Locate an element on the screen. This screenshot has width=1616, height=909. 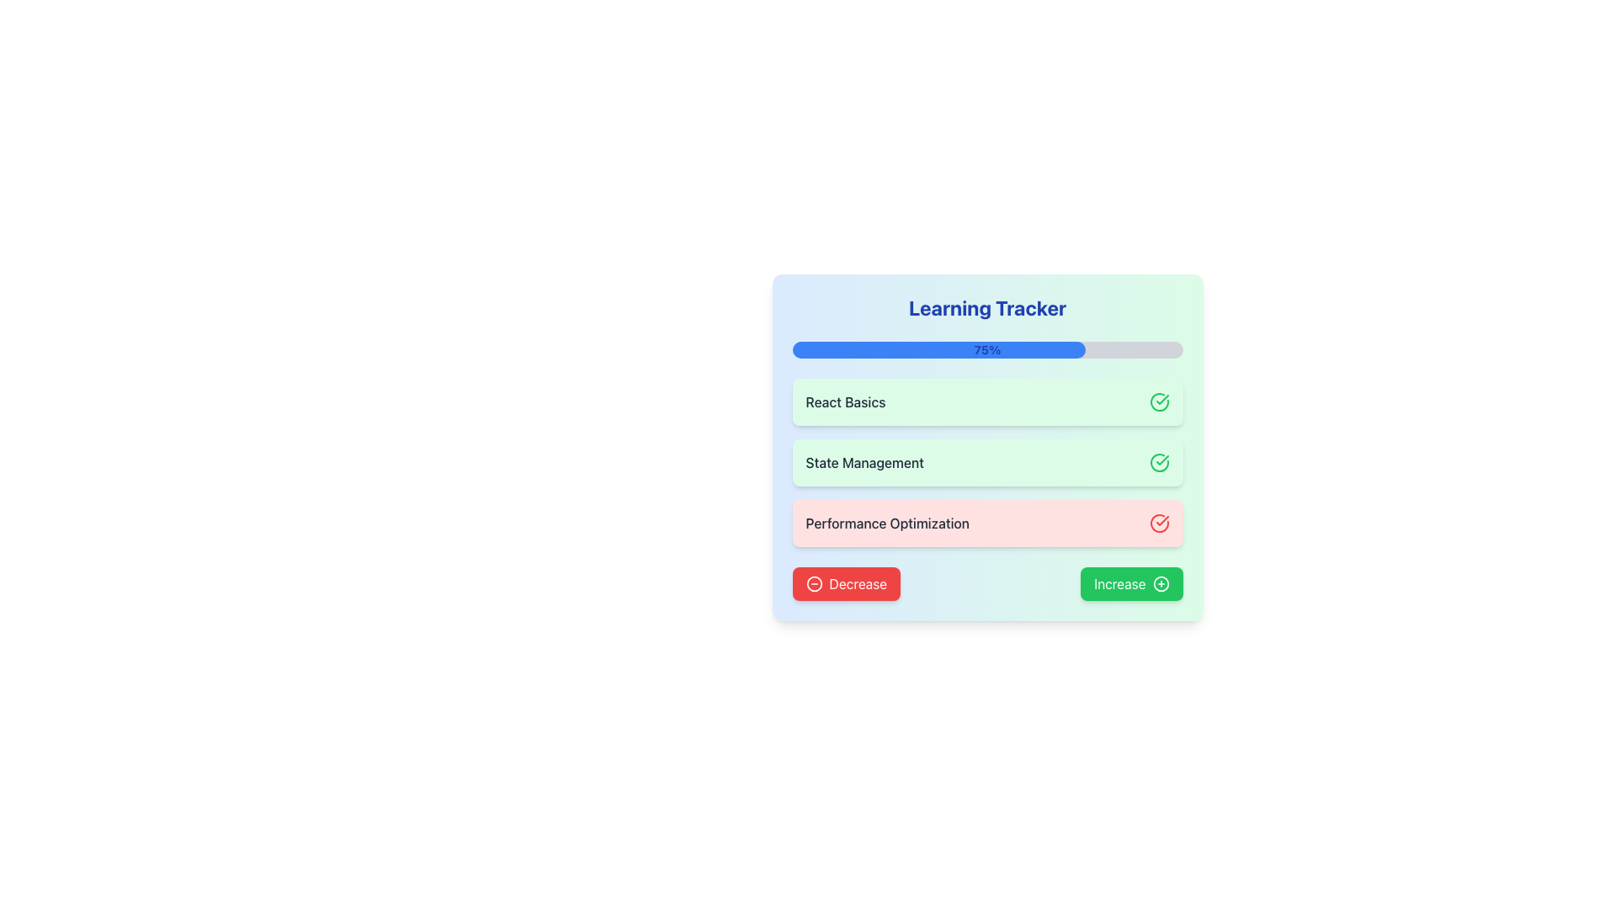
the red rectangular button labeled 'Decrease' that contains a white circular icon with a minus symbol, positioned at the bottom of the interface is located at coordinates (846, 583).